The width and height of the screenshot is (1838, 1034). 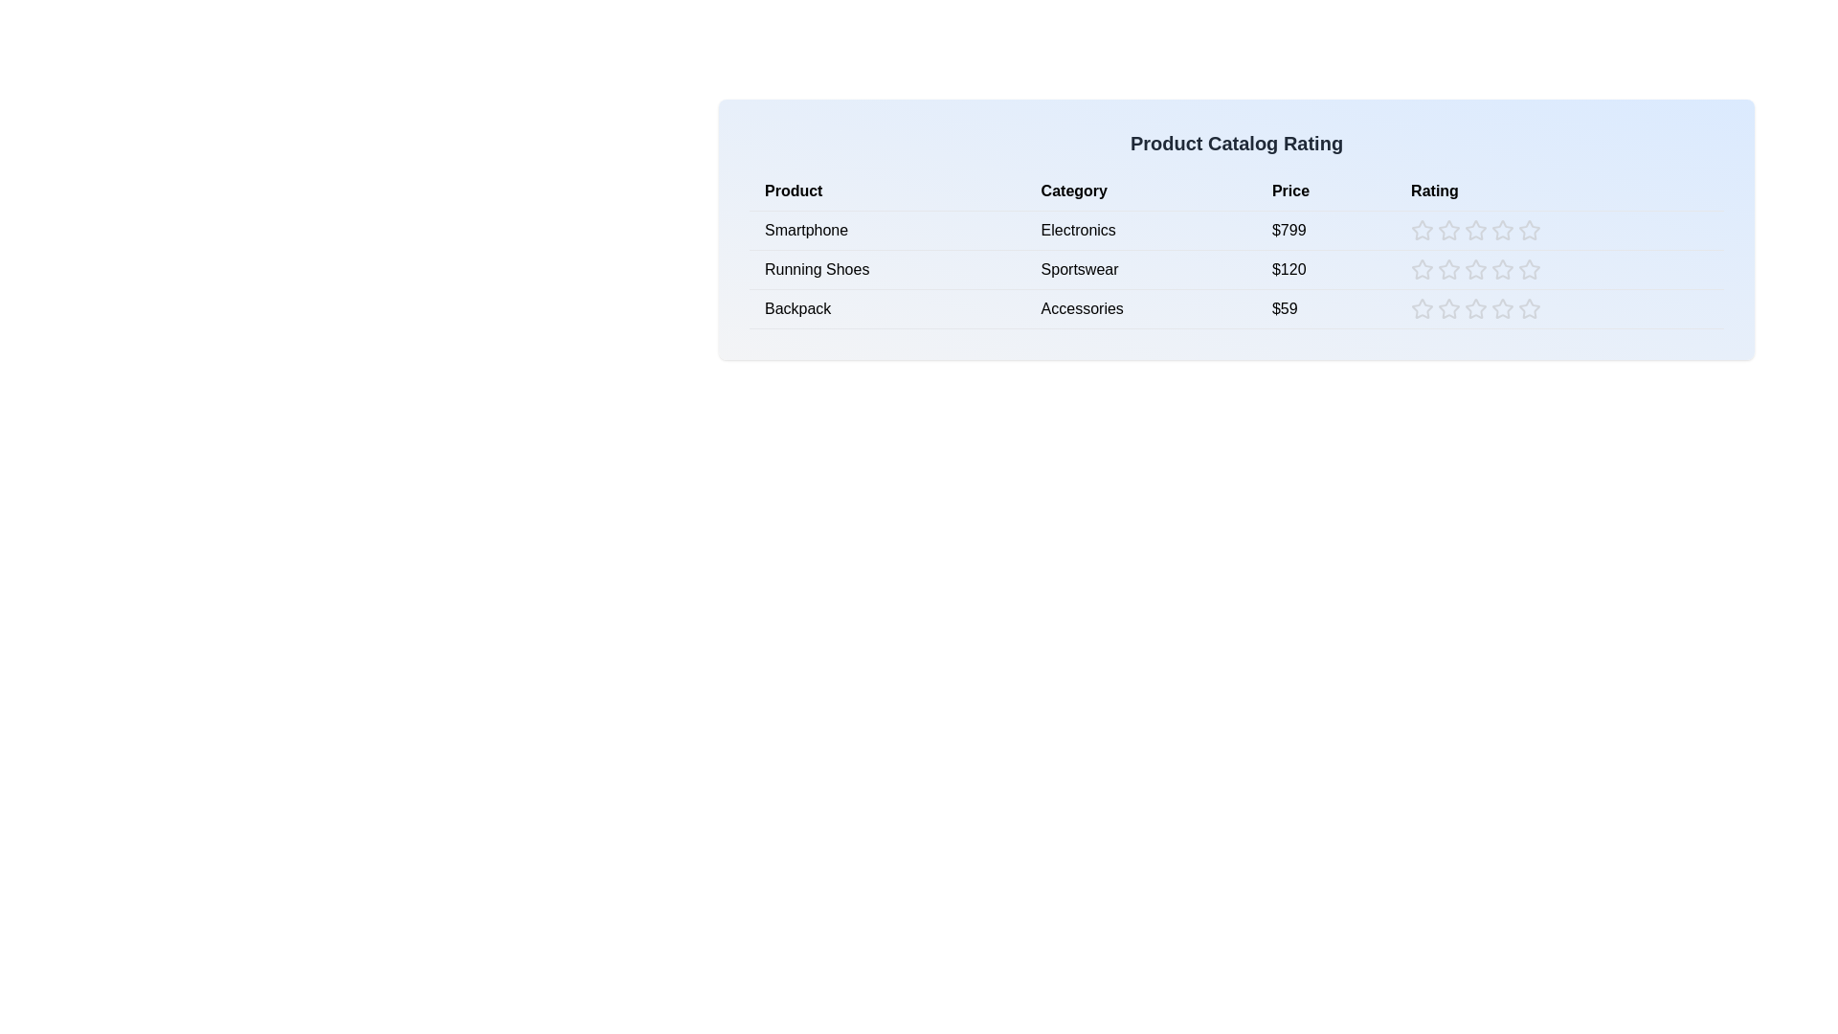 What do you see at coordinates (1559, 191) in the screenshot?
I see `the Rating column header to sort the table by that column` at bounding box center [1559, 191].